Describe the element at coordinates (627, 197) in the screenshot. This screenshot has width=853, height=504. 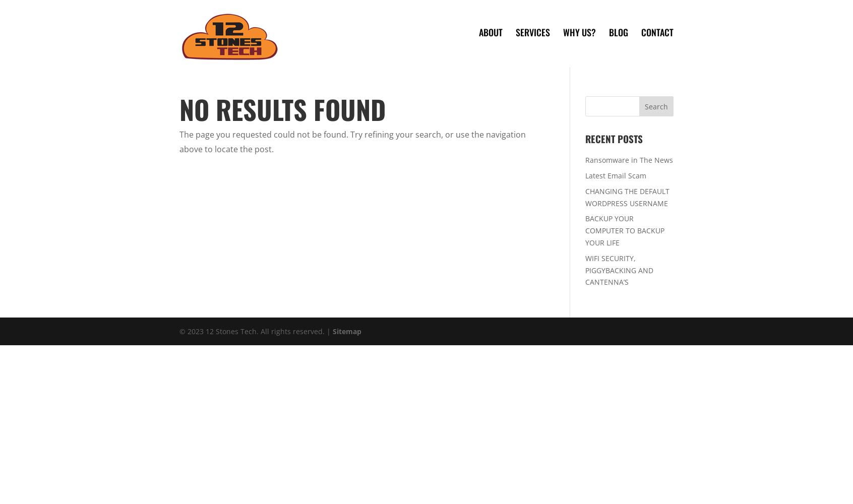
I see `'CHANGING THE DEFAULT WORDPRESS USERNAME'` at that location.